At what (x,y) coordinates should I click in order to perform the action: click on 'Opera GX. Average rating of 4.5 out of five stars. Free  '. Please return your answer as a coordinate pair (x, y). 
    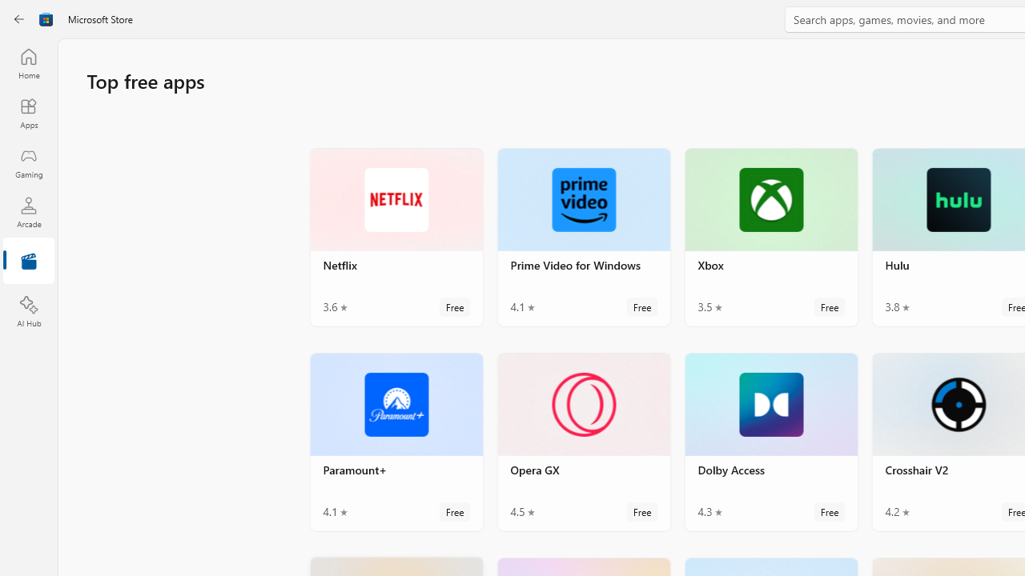
    Looking at the image, I should click on (582, 441).